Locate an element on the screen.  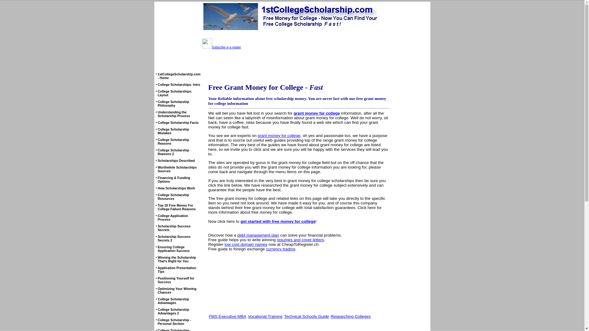
'Ensuring College Application Success' is located at coordinates (173, 249).